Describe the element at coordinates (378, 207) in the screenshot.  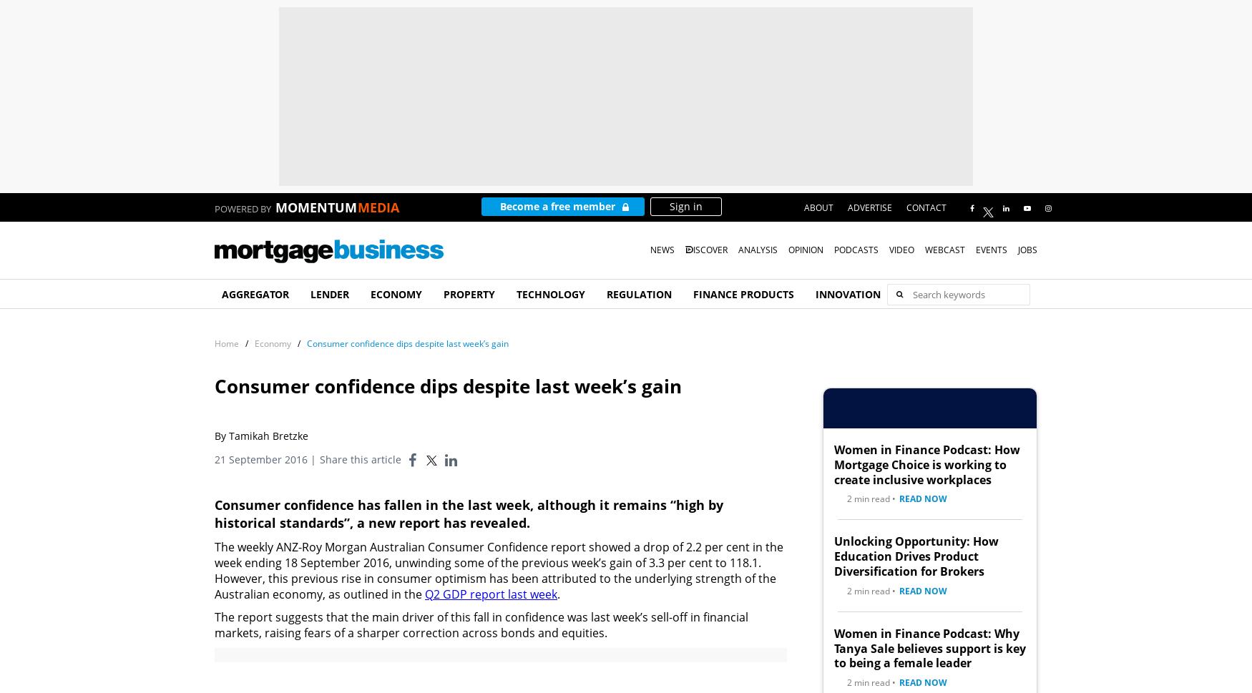
I see `'MEDIA'` at that location.